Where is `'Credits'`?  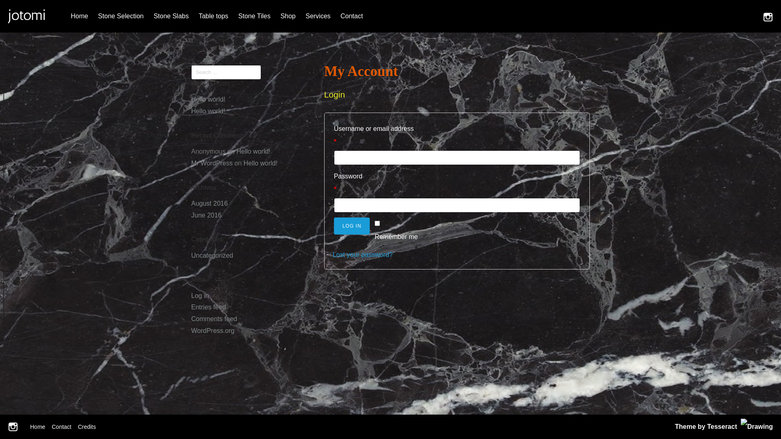 'Credits' is located at coordinates (78, 426).